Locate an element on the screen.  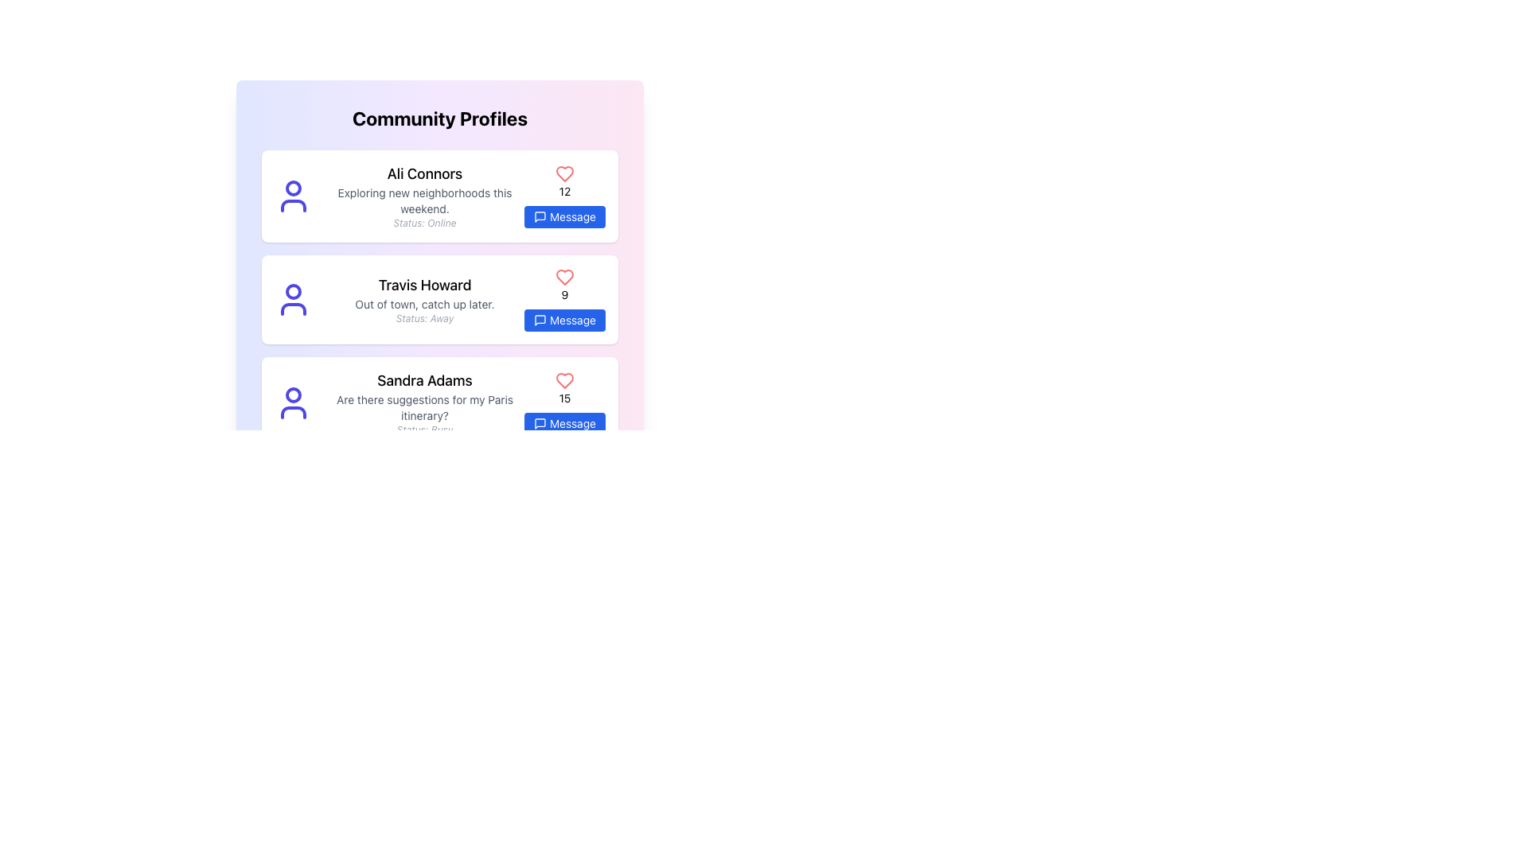
the static text label displaying 'Status: Online' located at the bottom of the user block for 'Ali Connors' is located at coordinates (424, 223).